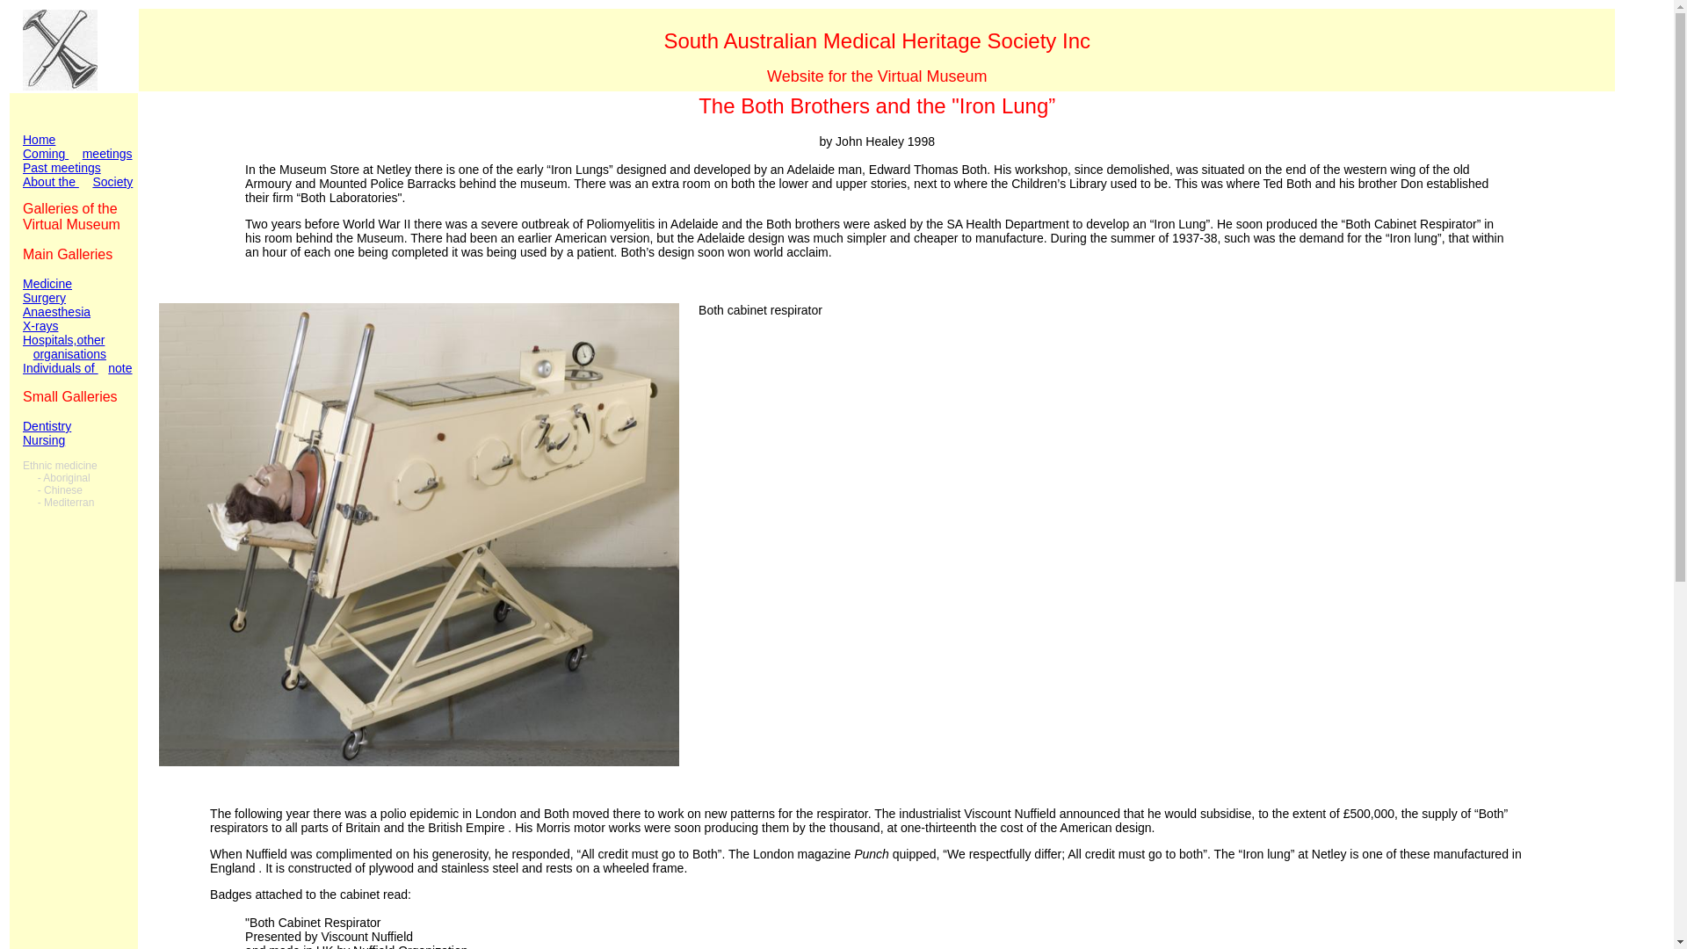  What do you see at coordinates (46, 160) in the screenshot?
I see `'Coming'` at bounding box center [46, 160].